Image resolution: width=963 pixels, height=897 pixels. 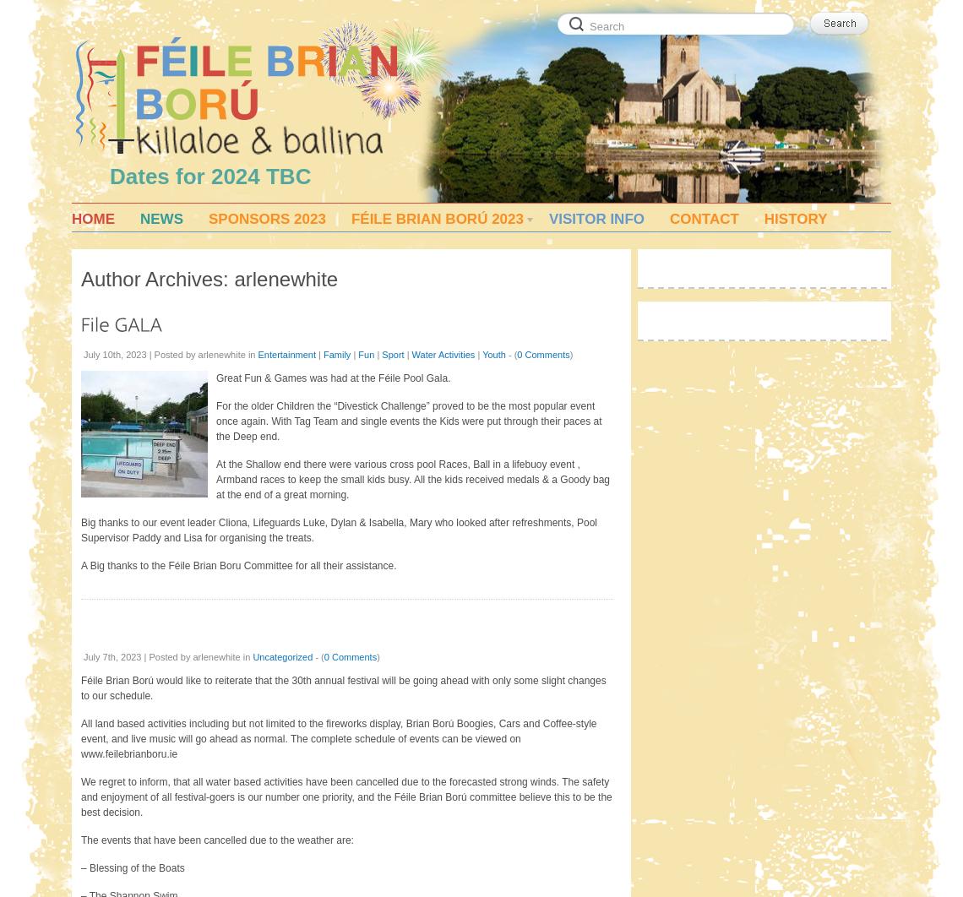 I want to click on 'A Big thanks to the Féile Brian Boru Committee for all their assistance.', so click(x=79, y=566).